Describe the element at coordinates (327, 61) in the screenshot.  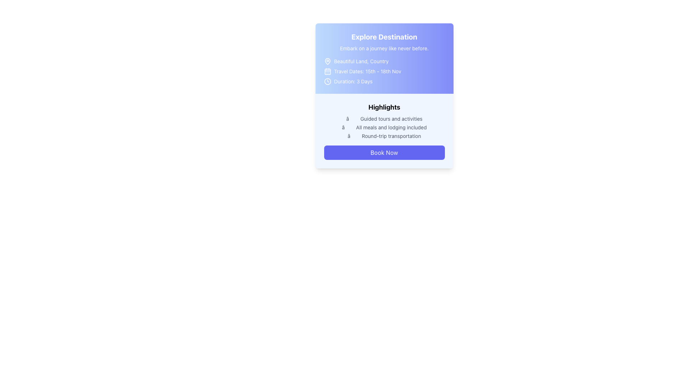
I see `the hollow pin icon located near the top left of the 'Explore Destination' information box, directly to the left of 'Beautiful Land, Country'` at that location.